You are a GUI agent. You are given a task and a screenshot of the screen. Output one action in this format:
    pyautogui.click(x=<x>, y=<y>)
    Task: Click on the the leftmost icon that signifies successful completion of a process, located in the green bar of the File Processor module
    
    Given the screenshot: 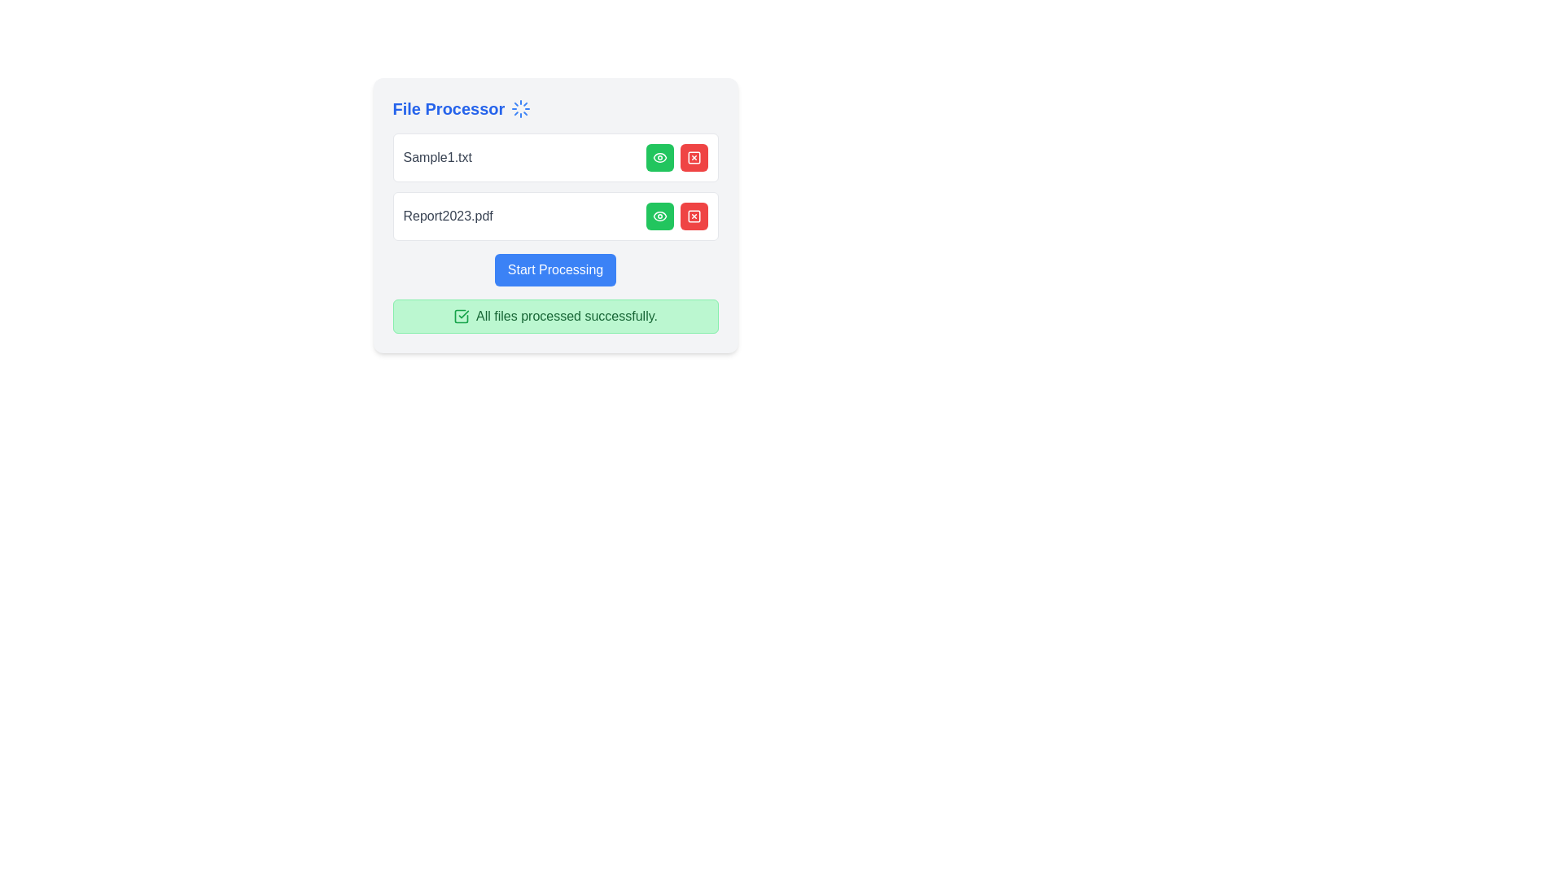 What is the action you would take?
    pyautogui.click(x=460, y=317)
    